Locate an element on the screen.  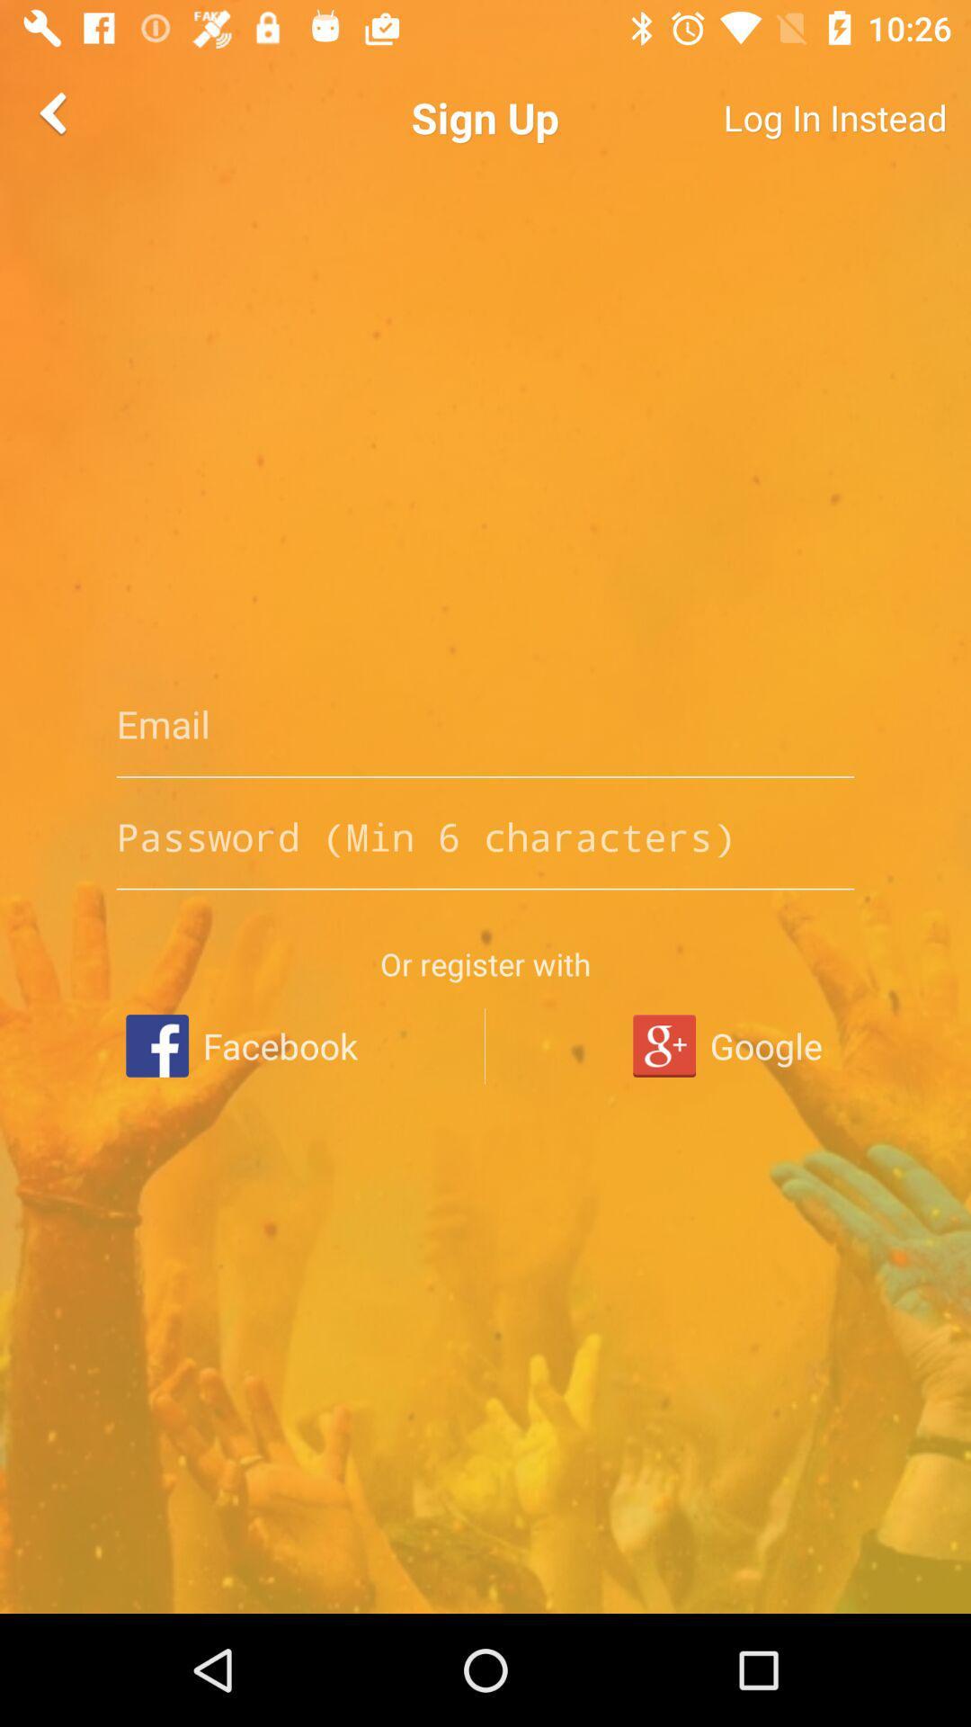
the arrow_backward icon is located at coordinates (55, 112).